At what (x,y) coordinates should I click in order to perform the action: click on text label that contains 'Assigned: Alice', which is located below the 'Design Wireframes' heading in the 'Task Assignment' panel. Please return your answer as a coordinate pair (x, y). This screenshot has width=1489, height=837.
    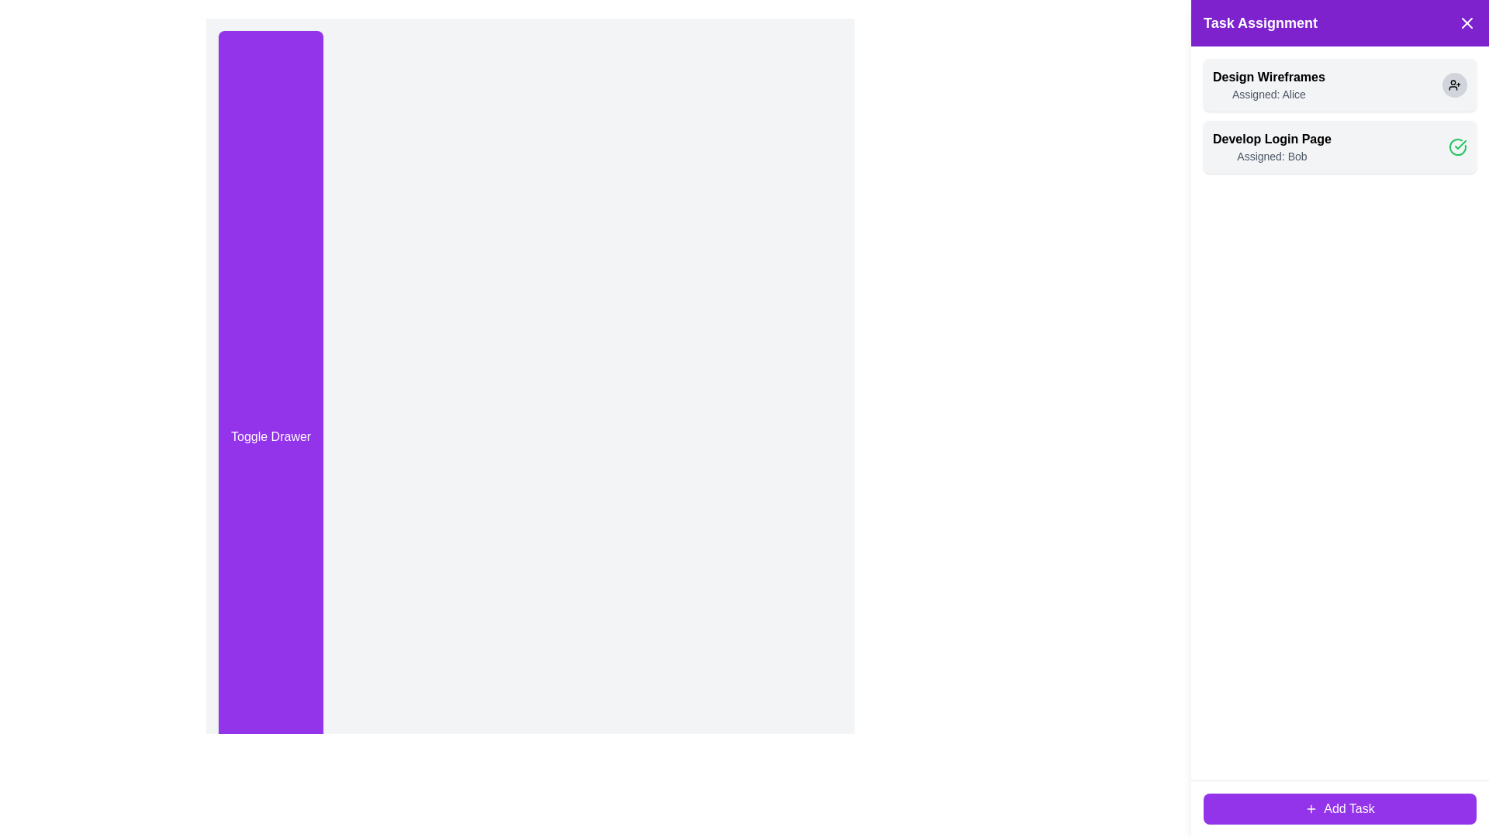
    Looking at the image, I should click on (1269, 95).